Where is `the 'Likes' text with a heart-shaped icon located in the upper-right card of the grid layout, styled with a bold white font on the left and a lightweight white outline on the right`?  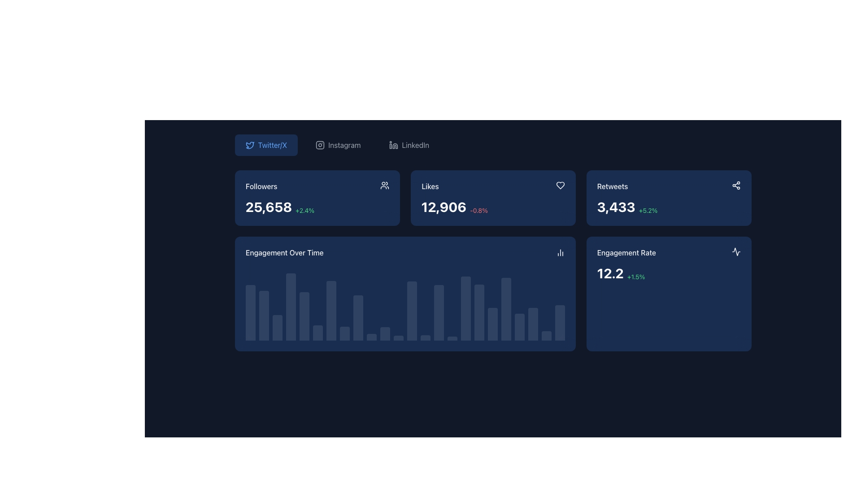
the 'Likes' text with a heart-shaped icon located in the upper-right card of the grid layout, styled with a bold white font on the left and a lightweight white outline on the right is located at coordinates (492, 186).